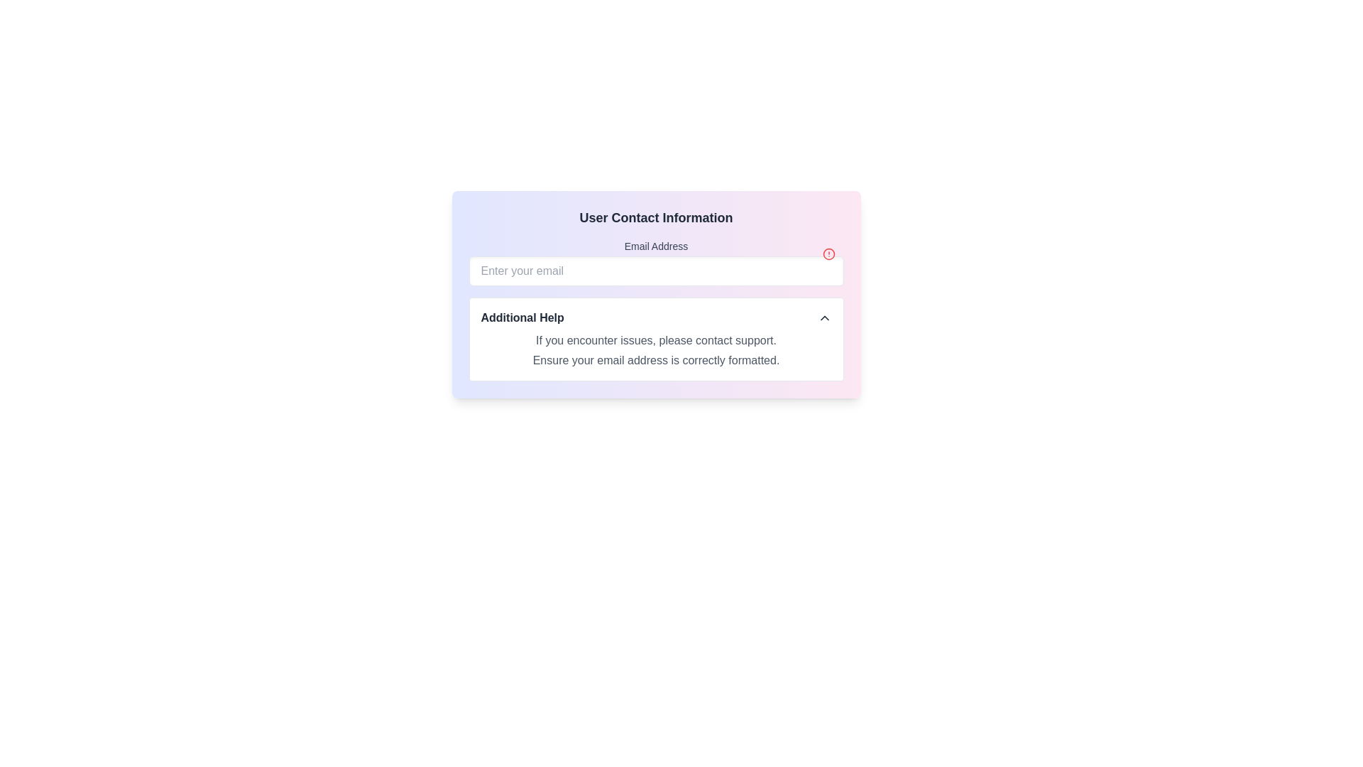 The image size is (1363, 767). Describe the element at coordinates (824, 317) in the screenshot. I see `the chevron down SVG icon located to the far right of the 'Additional Help' text, which suggests an expandable or collapsible section, to potentially display a tooltip` at that location.